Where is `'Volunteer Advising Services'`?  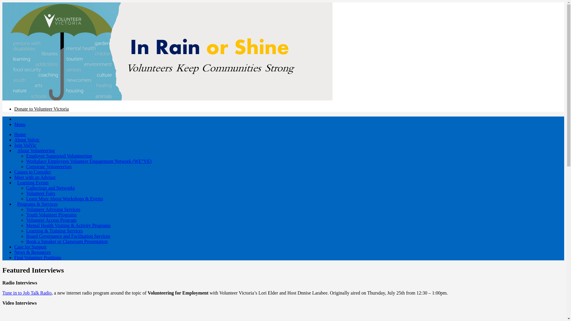
'Volunteer Advising Services' is located at coordinates (26, 209).